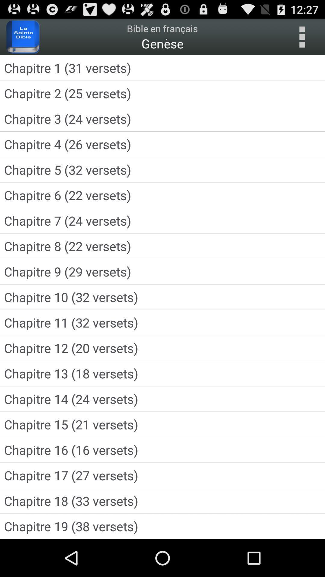 This screenshot has height=577, width=325. What do you see at coordinates (162, 93) in the screenshot?
I see `the chapitre 2 25 app` at bounding box center [162, 93].